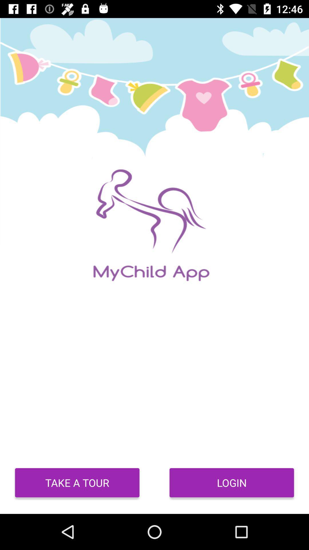 This screenshot has width=309, height=550. Describe the element at coordinates (77, 482) in the screenshot. I see `take a tour at the bottom left corner` at that location.